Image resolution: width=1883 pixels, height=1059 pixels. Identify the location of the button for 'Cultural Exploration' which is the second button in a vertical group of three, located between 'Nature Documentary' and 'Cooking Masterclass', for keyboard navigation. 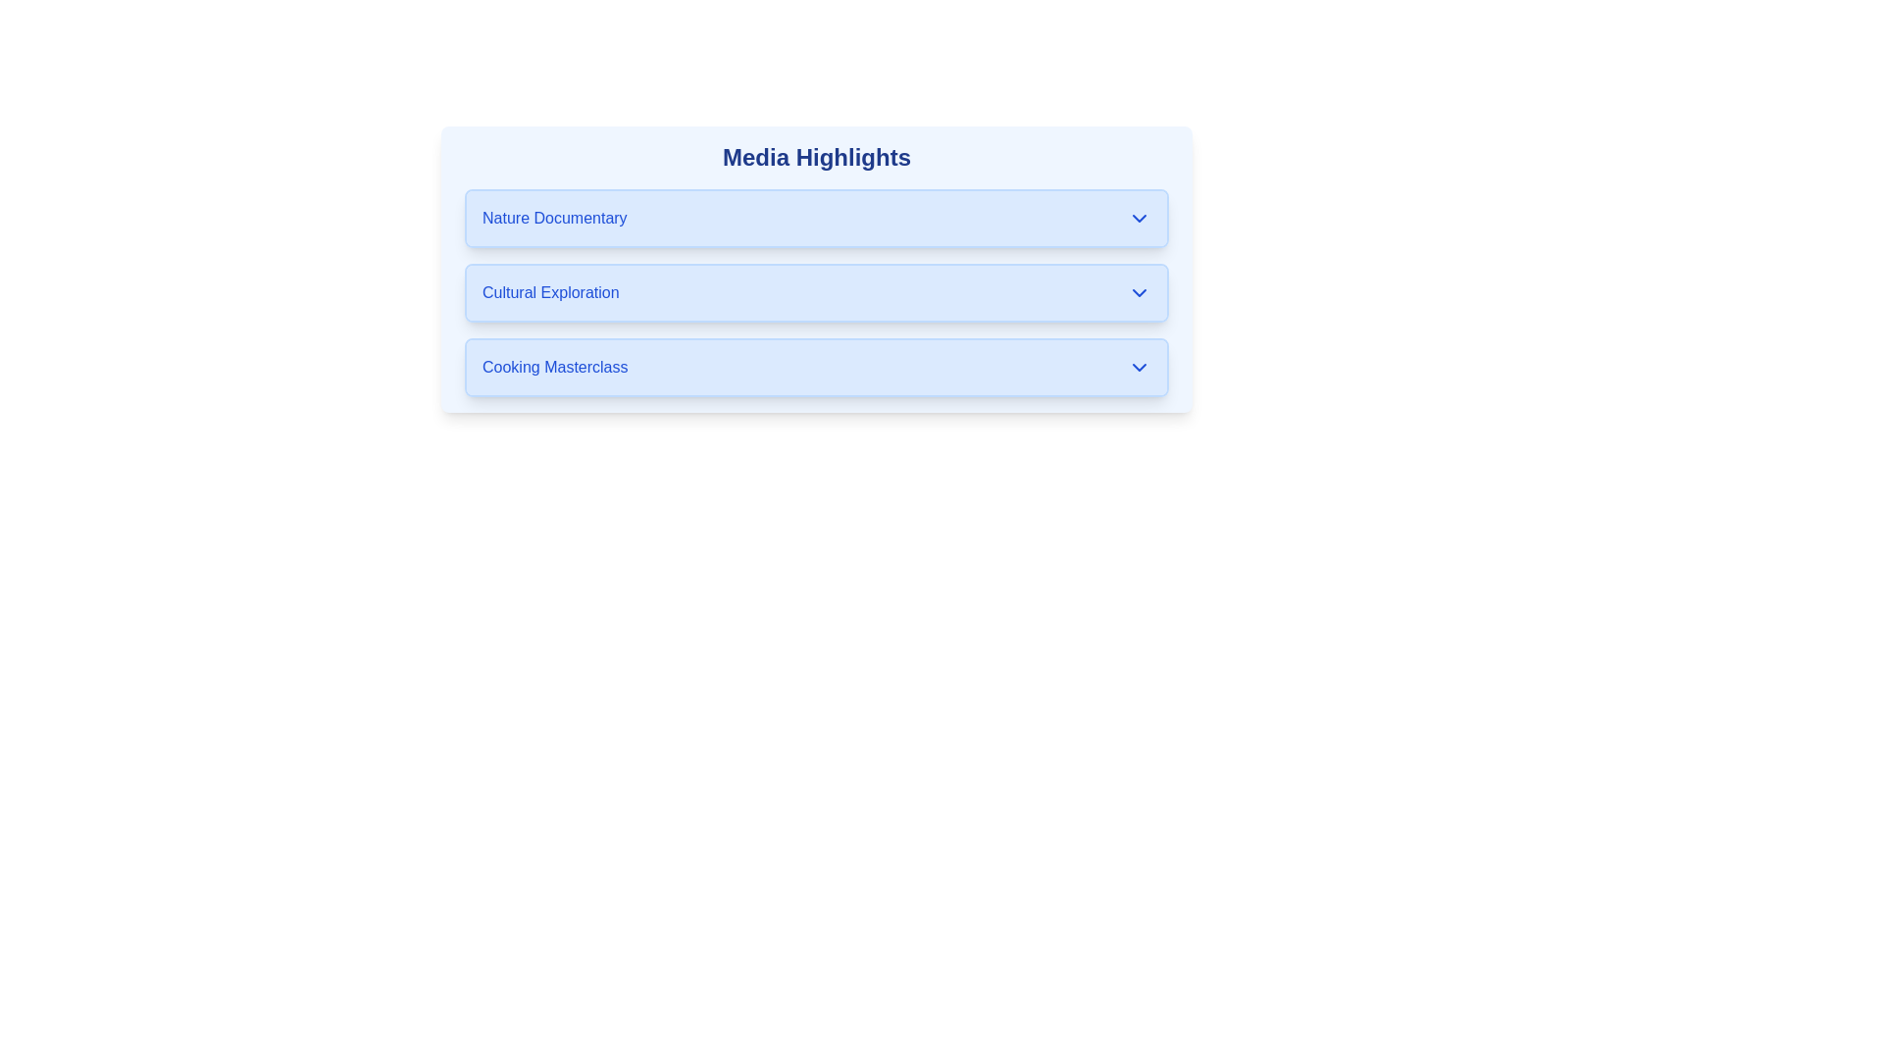
(817, 293).